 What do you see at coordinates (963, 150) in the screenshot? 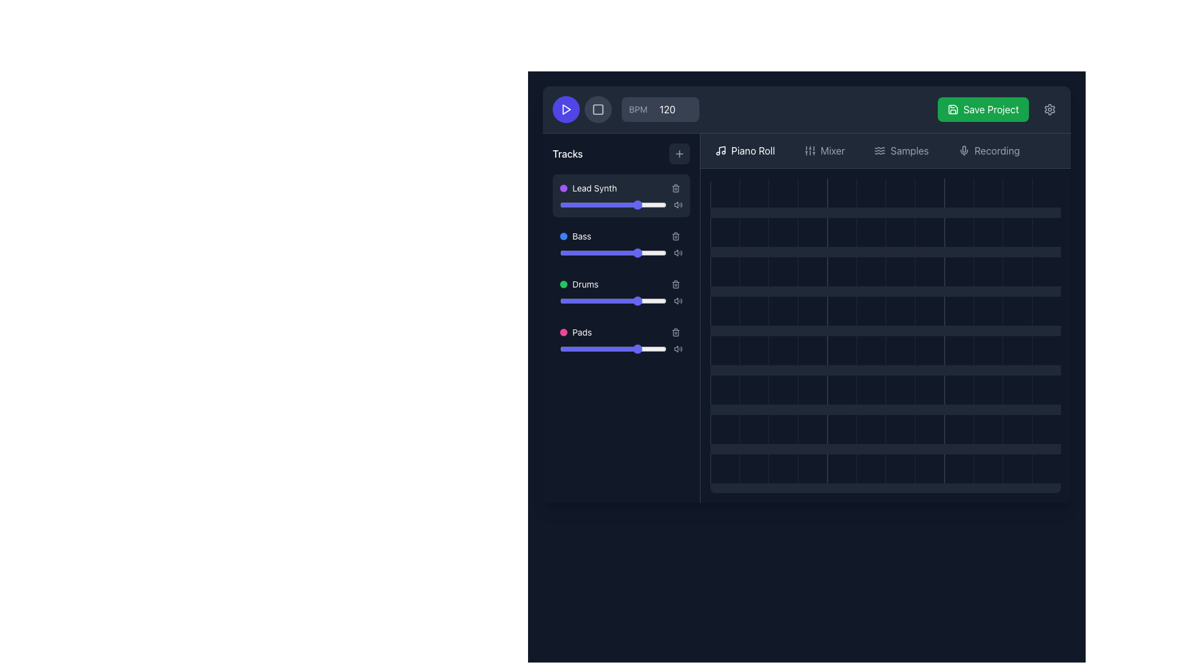
I see `the microphone icon located to the left of the 'Recording' text in the top bar of the interface` at bounding box center [963, 150].